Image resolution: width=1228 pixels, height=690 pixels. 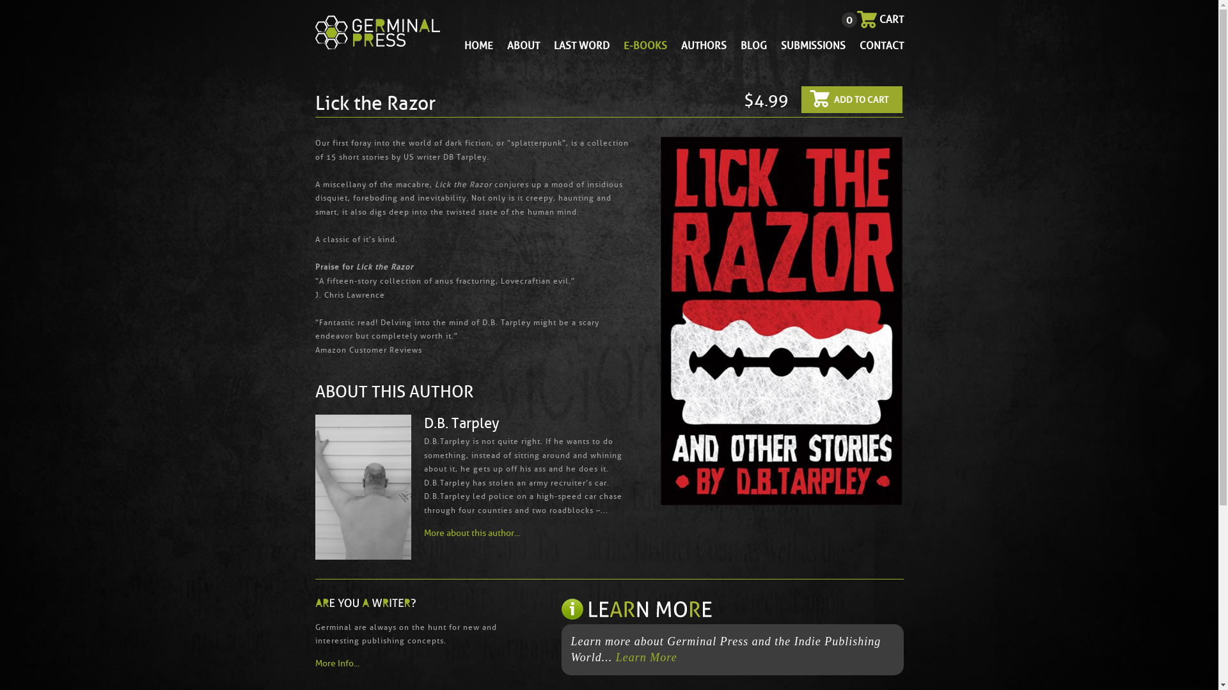 What do you see at coordinates (478, 45) in the screenshot?
I see `'HOME'` at bounding box center [478, 45].